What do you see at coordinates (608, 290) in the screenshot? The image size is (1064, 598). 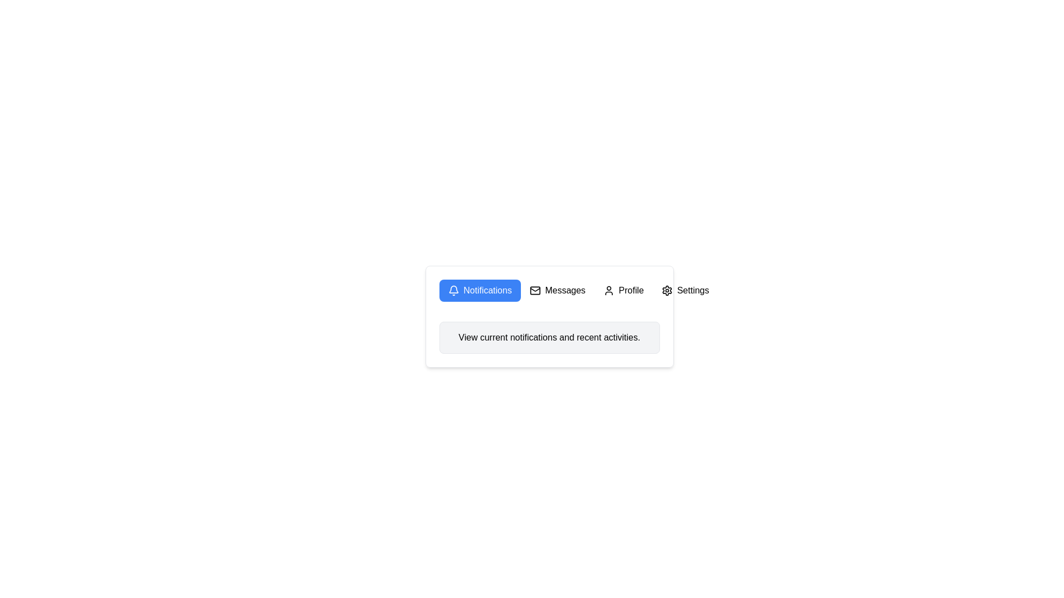 I see `the user profile icon, which is the first menu item labeled 'Profile' located between 'Messages' and 'Settings', to view context menu options` at bounding box center [608, 290].